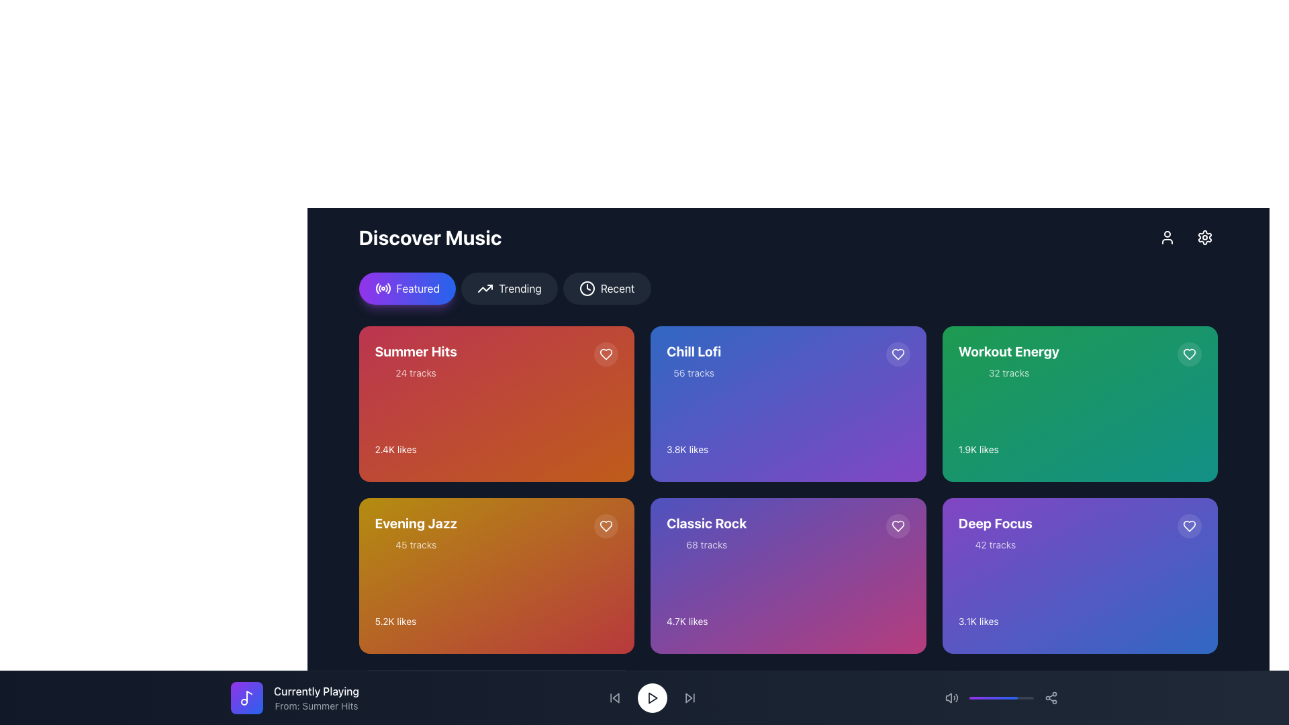  What do you see at coordinates (898, 354) in the screenshot?
I see `the heart icon button in the top-right corner of the 'Chill Lofi' card` at bounding box center [898, 354].